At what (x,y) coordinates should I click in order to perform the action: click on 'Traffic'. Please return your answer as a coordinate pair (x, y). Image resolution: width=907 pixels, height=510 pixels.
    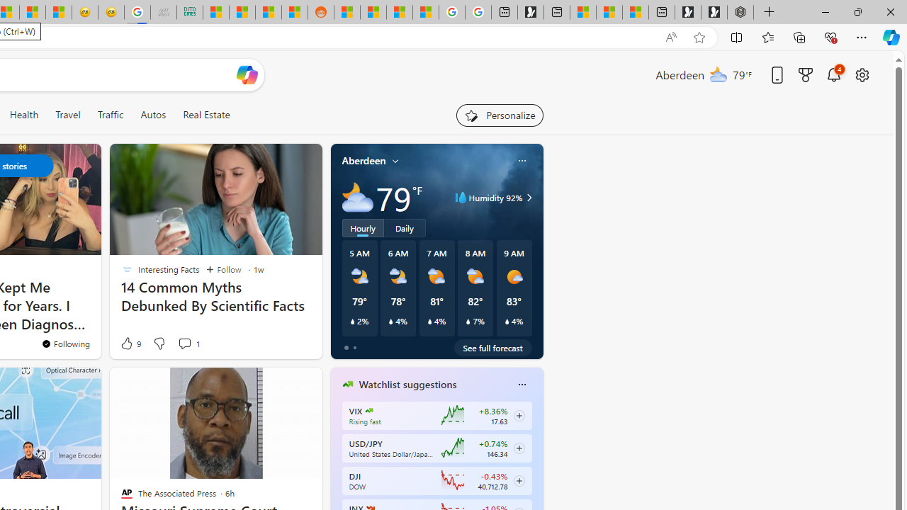
    Looking at the image, I should click on (110, 114).